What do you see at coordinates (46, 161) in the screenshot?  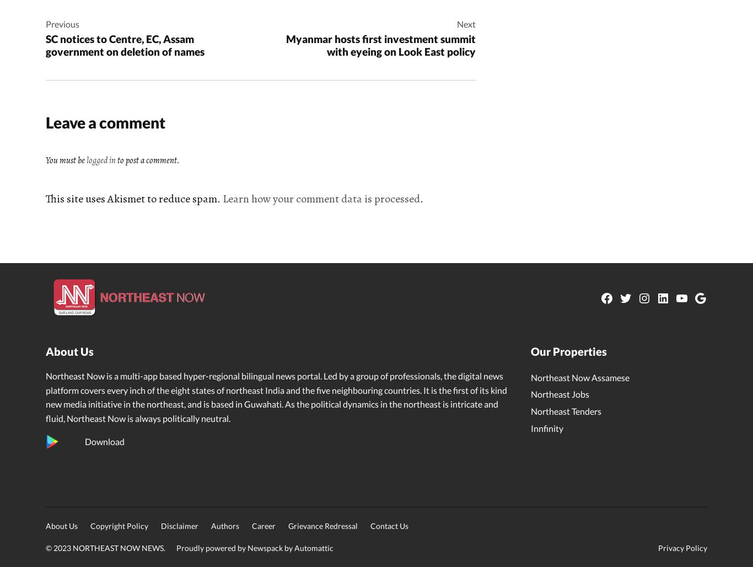 I see `'You must be'` at bounding box center [46, 161].